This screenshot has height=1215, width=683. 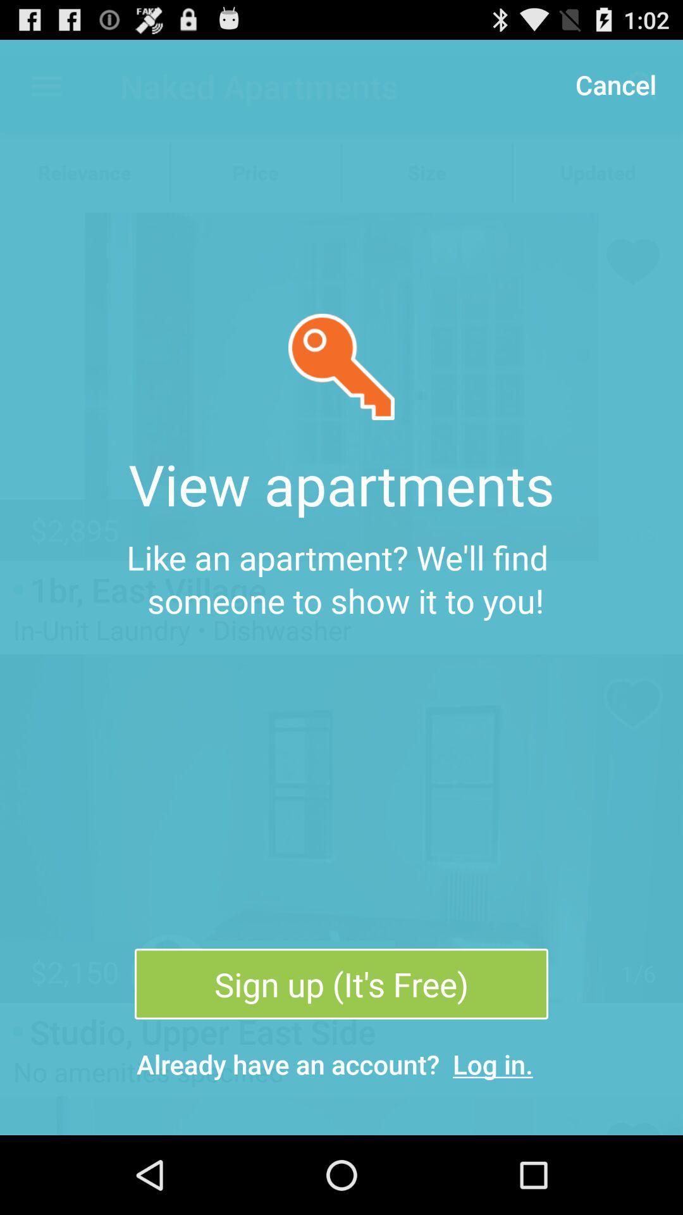 What do you see at coordinates (341, 983) in the screenshot?
I see `sign up it` at bounding box center [341, 983].